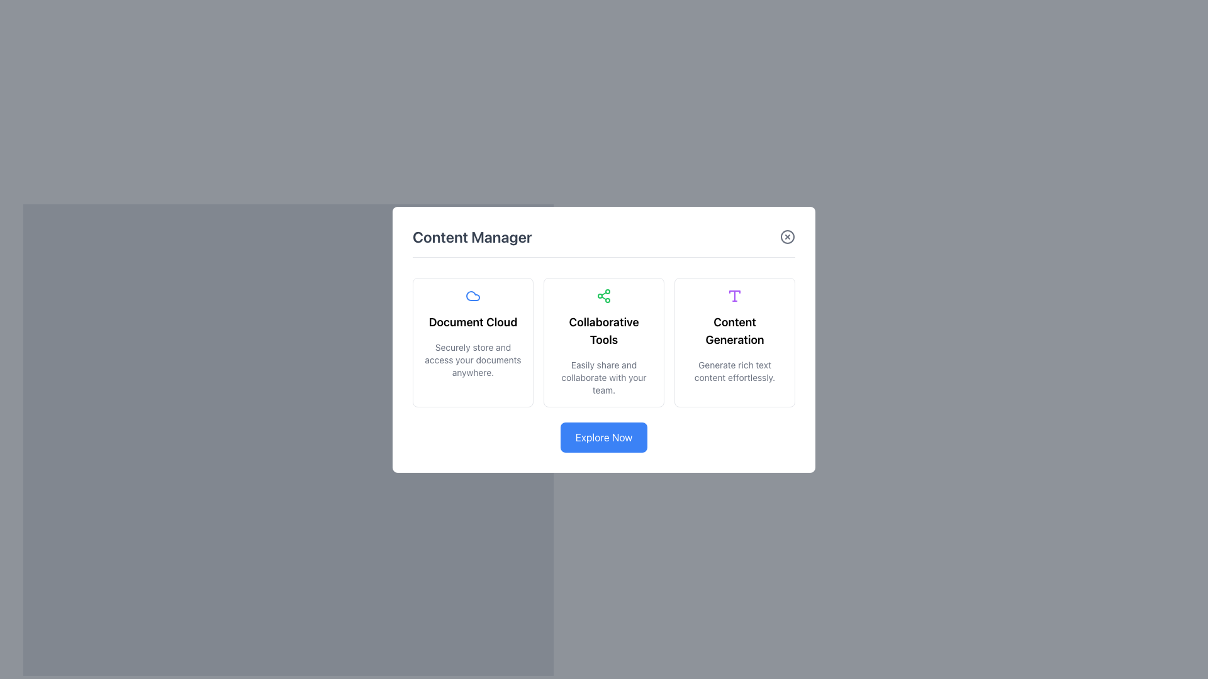 The image size is (1208, 679). Describe the element at coordinates (787, 236) in the screenshot. I see `the SVG Circle element which serves as the close button in the top-right area of the modal window to trigger possible hover effects` at that location.